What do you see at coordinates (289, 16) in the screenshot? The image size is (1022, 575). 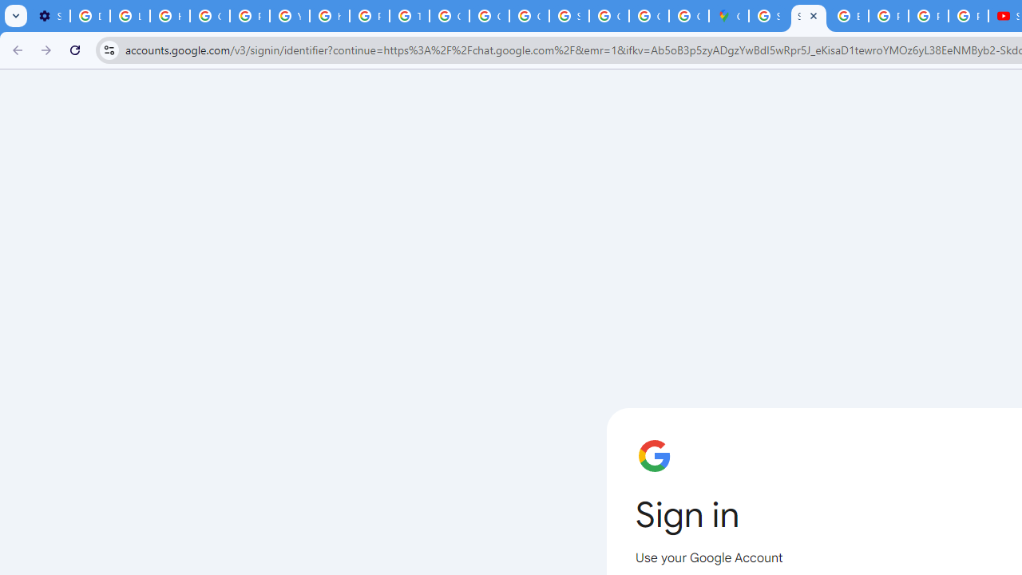 I see `'YouTube'` at bounding box center [289, 16].